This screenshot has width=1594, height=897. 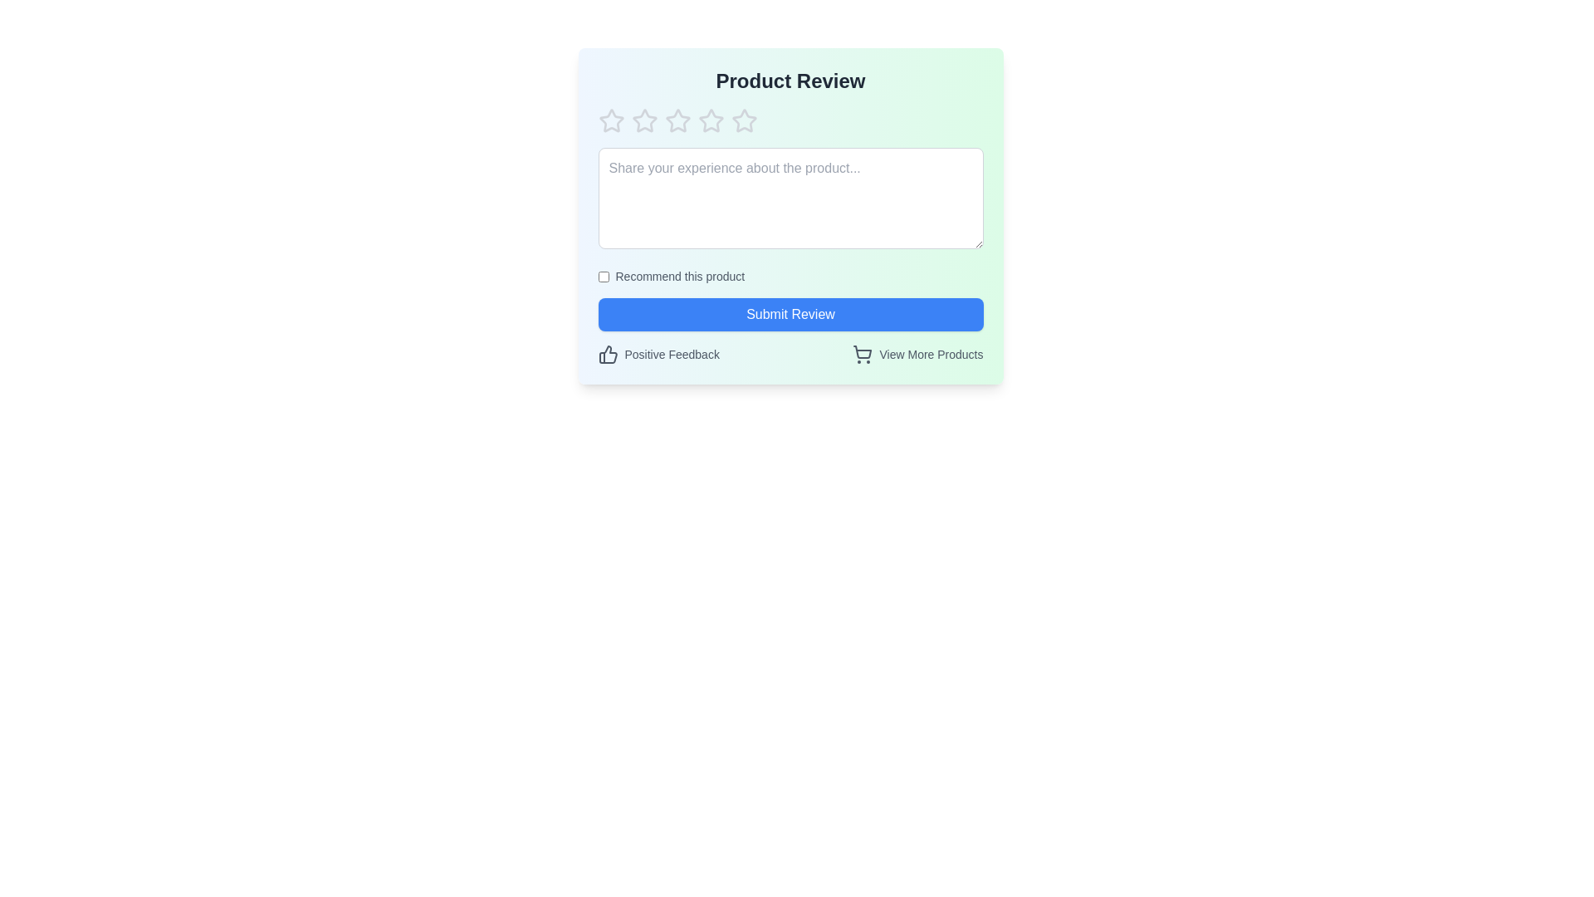 What do you see at coordinates (711, 120) in the screenshot?
I see `the product rating to 4 stars by clicking on the respective star` at bounding box center [711, 120].